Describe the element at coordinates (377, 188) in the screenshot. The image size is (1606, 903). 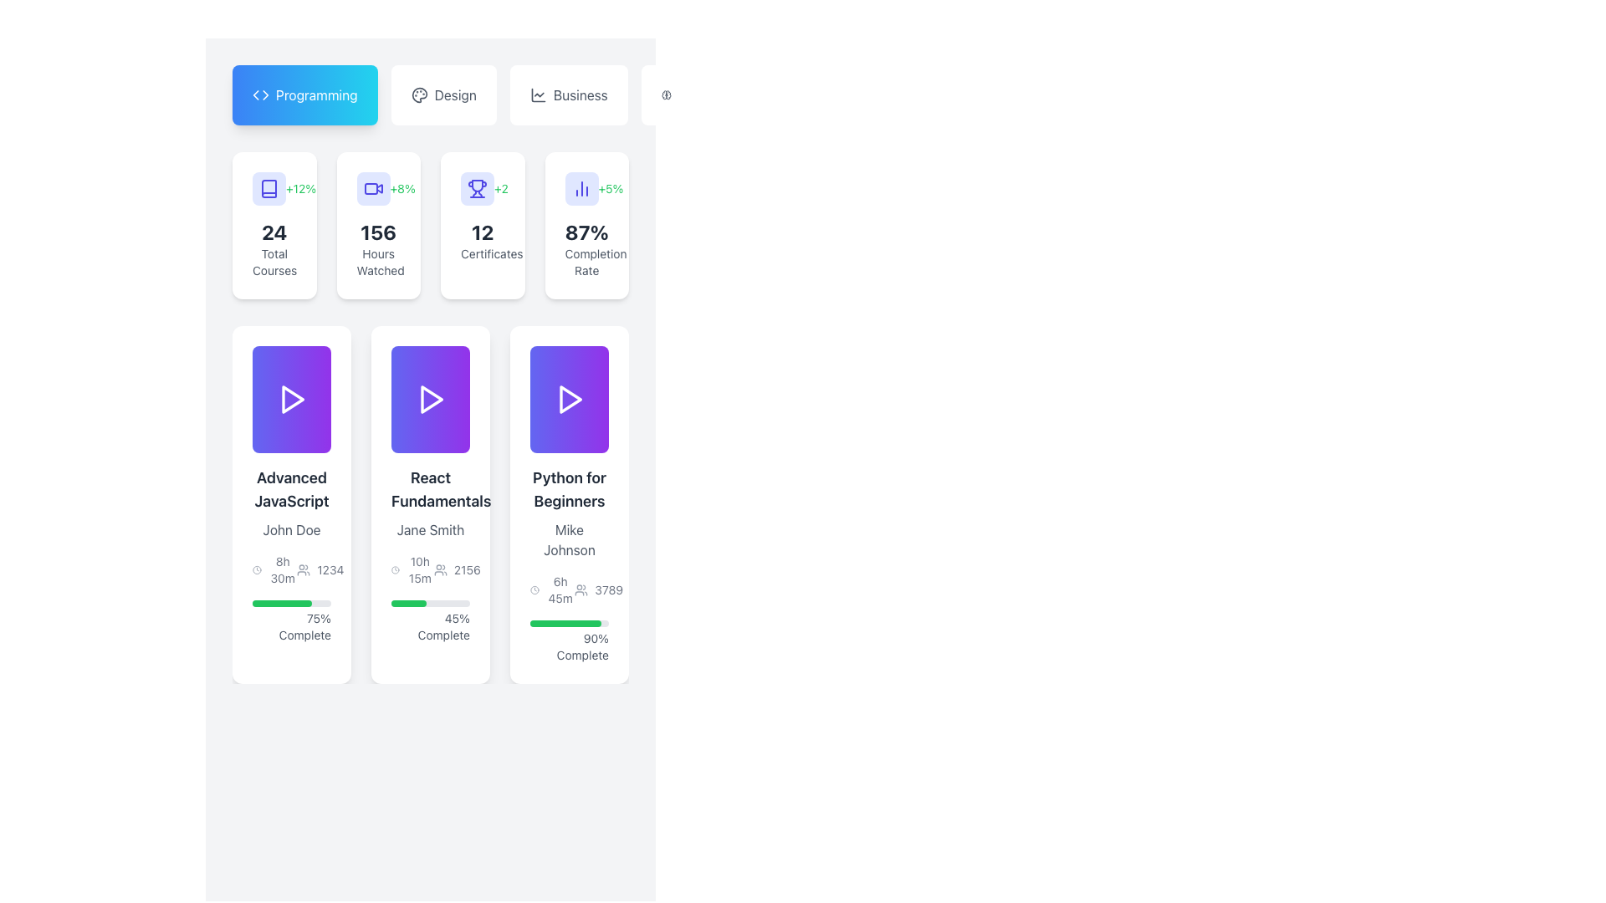
I see `the Informational widget located in the top row of metrics, positioned between the 'Total Courses' and 'Certificates' metrics` at that location.